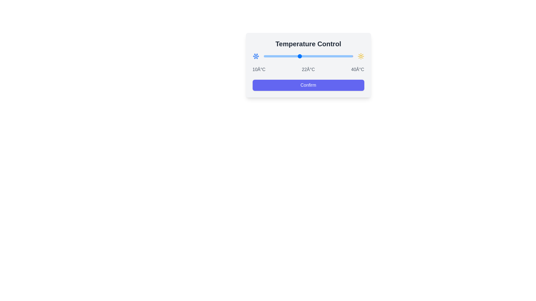  I want to click on the slider to set the temperature to 36°C, so click(341, 56).